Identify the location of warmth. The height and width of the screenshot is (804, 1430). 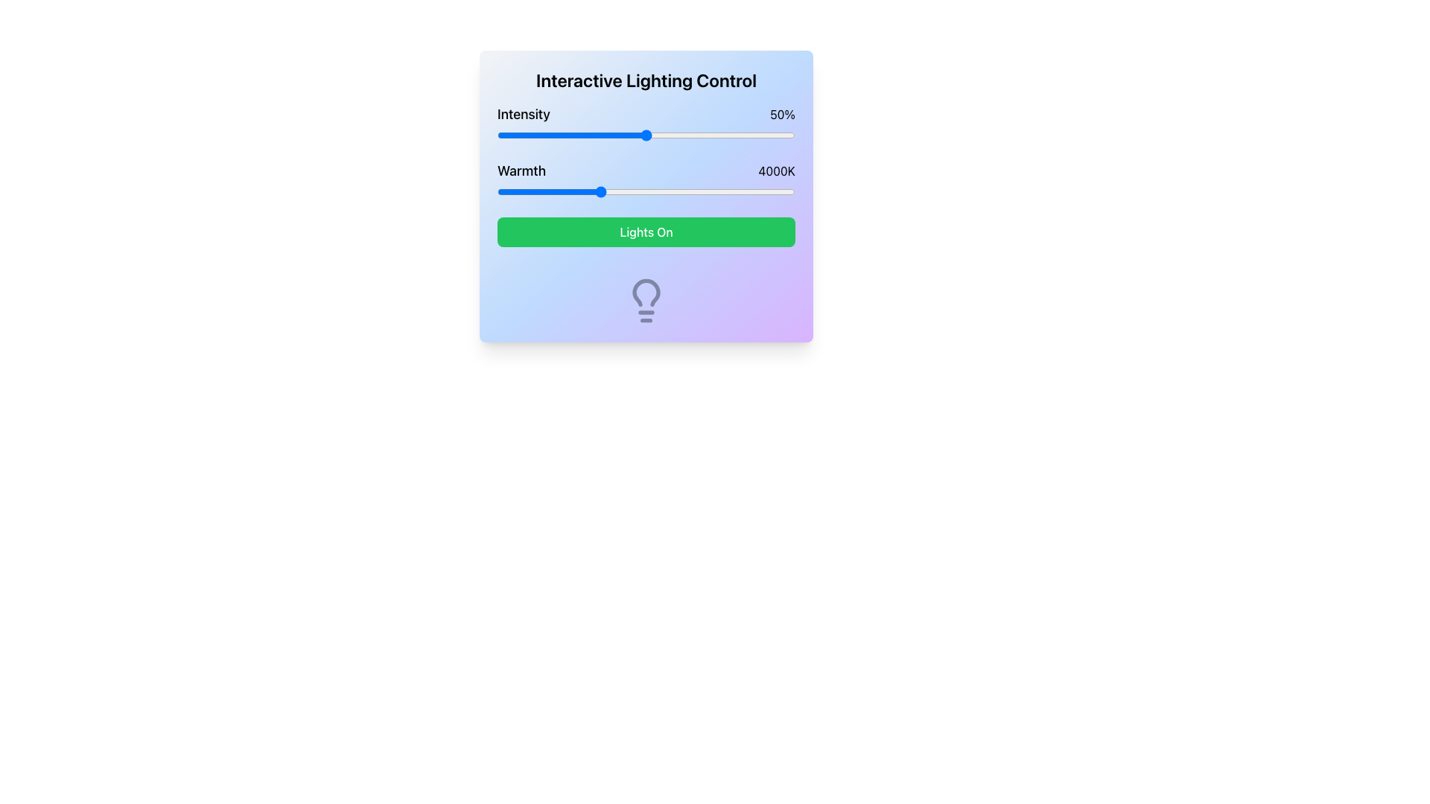
(594, 191).